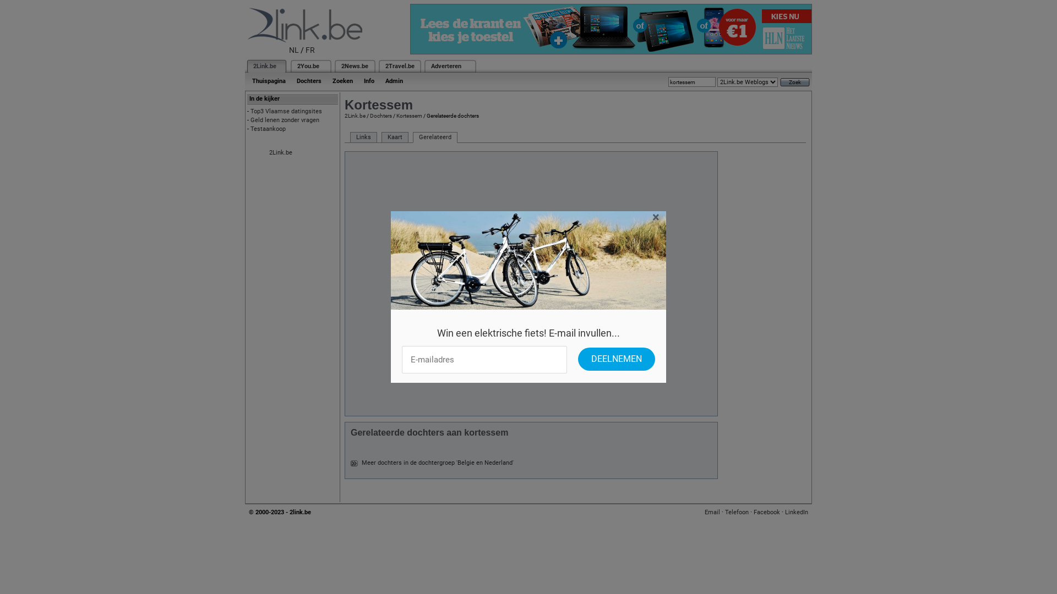 The height and width of the screenshot is (594, 1057). I want to click on 'Info', so click(369, 80).